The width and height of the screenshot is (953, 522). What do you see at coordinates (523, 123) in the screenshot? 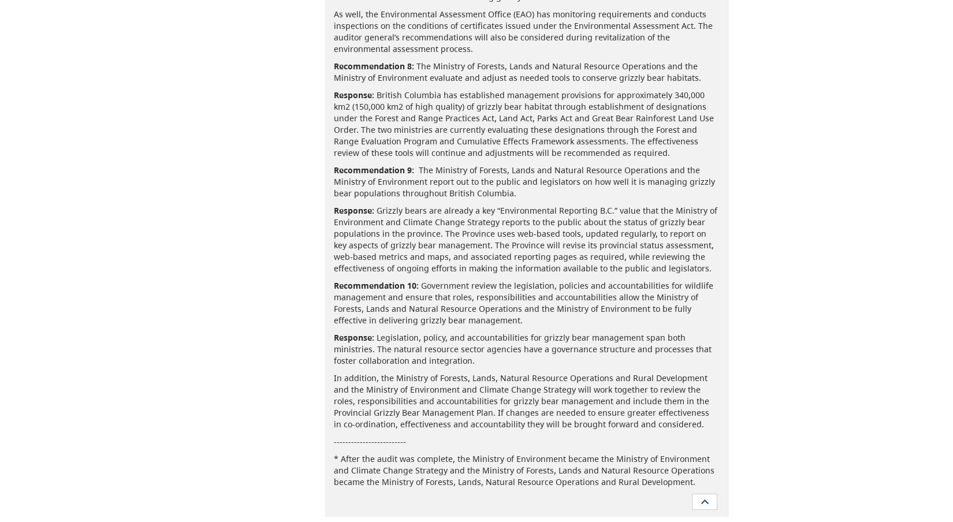
I see `'British Columbia has established management provisions for approximately 340,000 km2 (150,000 km2 of high quality) of grizzly bear habitat through establishment of designations under the Forest and Range Practices Act, Land Act, Parks Act and Great Bear Rainforest Land Use Order. The two ministries are currently evaluating these designations through the Forest and Range Evaluation Program and Cumulative Effects Framework assessments. The effectiveness review of these tools will continue and adjustments will be recommended as required.'` at bounding box center [523, 123].